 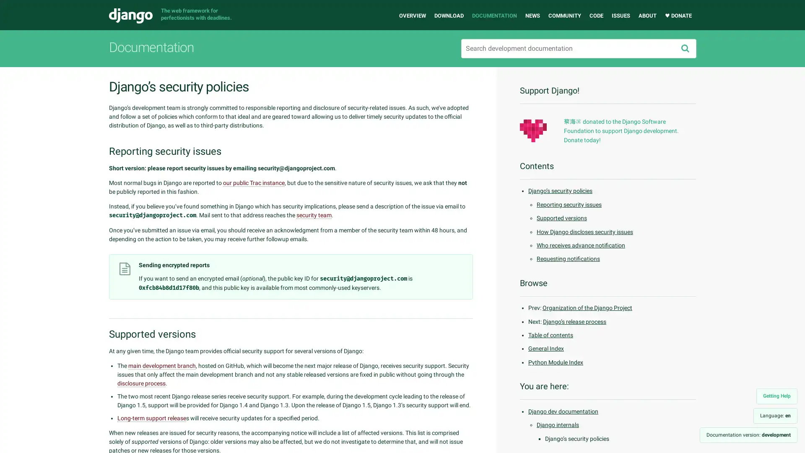 I want to click on Search, so click(x=685, y=48).